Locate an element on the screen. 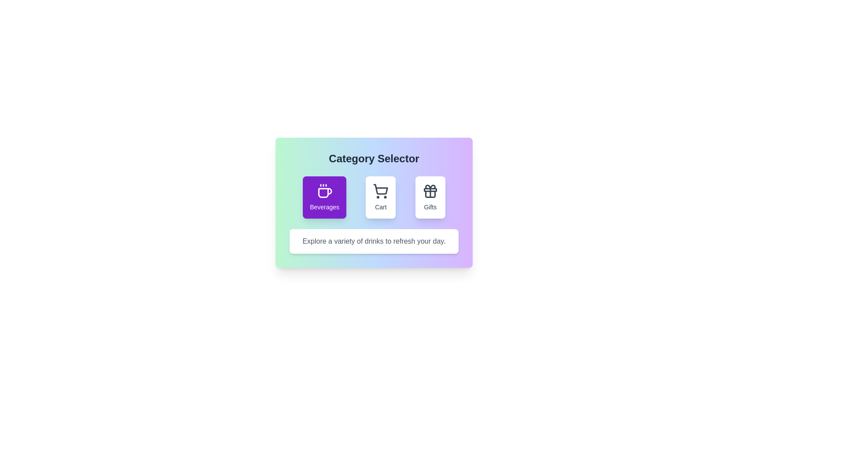 This screenshot has width=845, height=475. the Beverages button to observe hover effects is located at coordinates (324, 197).